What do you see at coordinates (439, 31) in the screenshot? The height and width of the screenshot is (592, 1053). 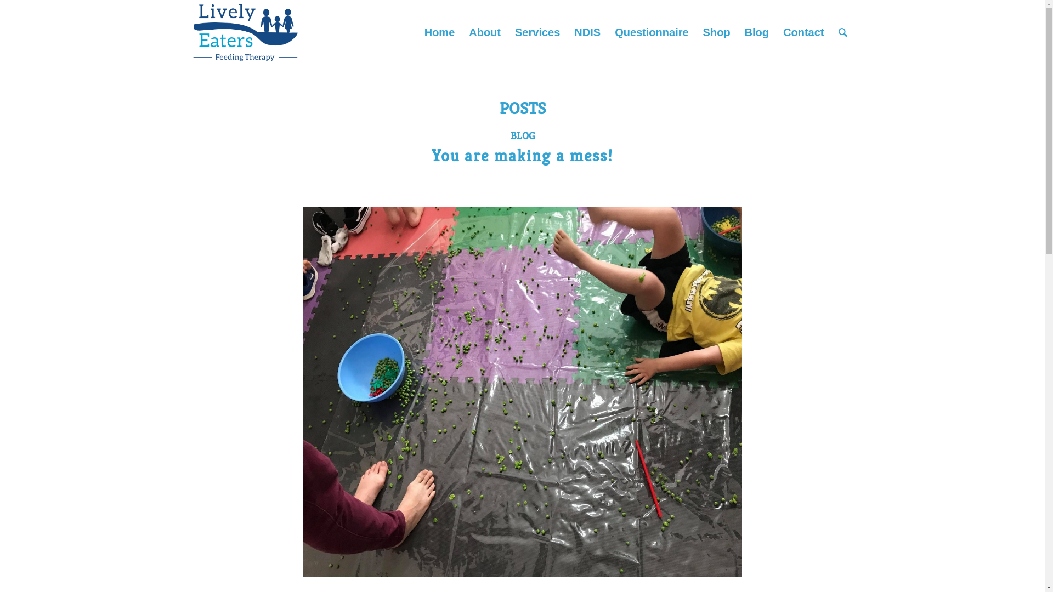 I see `'Home'` at bounding box center [439, 31].